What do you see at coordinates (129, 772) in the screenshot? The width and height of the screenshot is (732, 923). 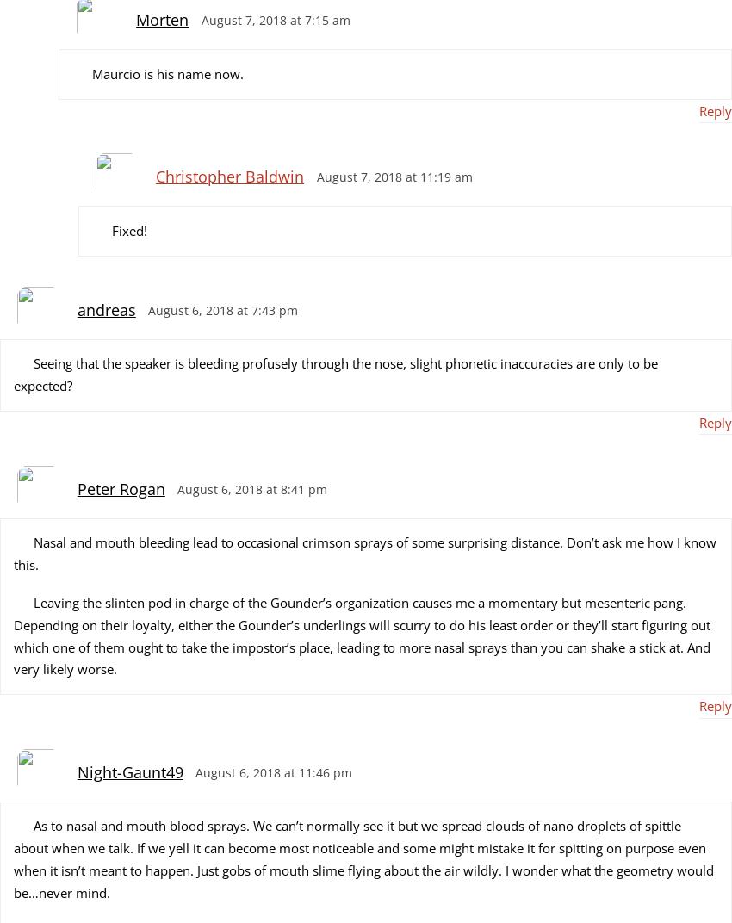 I see `'Night-Gaunt49'` at bounding box center [129, 772].